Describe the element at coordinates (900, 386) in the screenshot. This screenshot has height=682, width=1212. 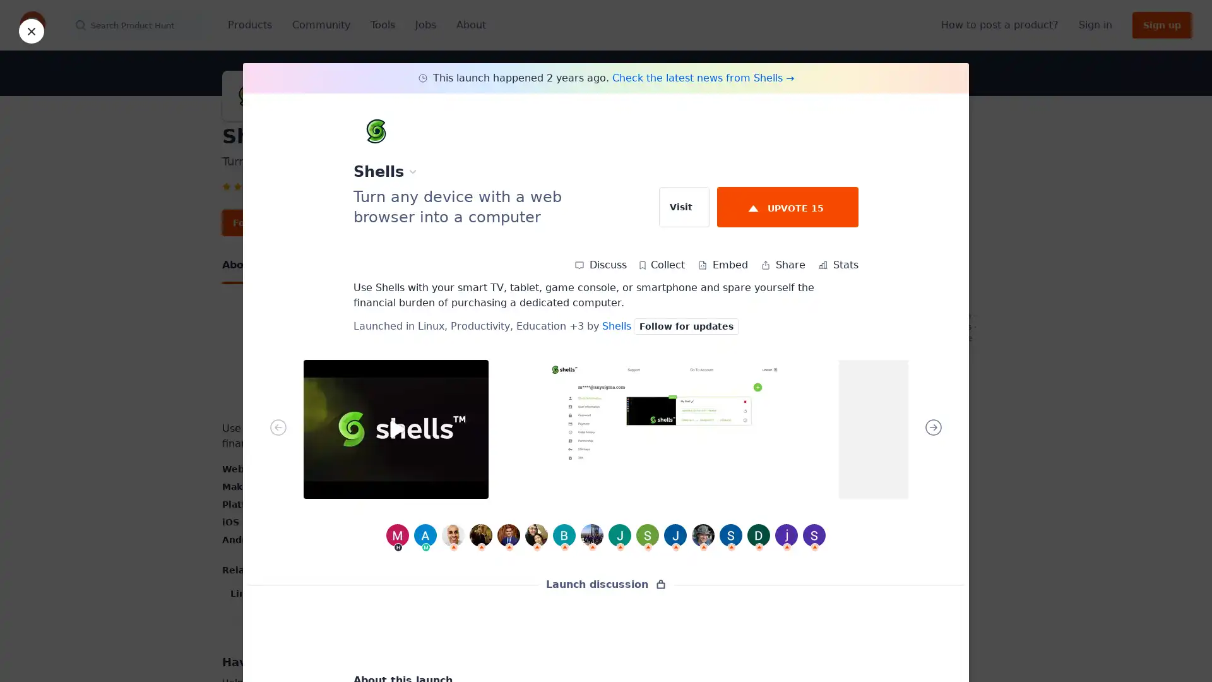
I see `Request changes to this page` at that location.